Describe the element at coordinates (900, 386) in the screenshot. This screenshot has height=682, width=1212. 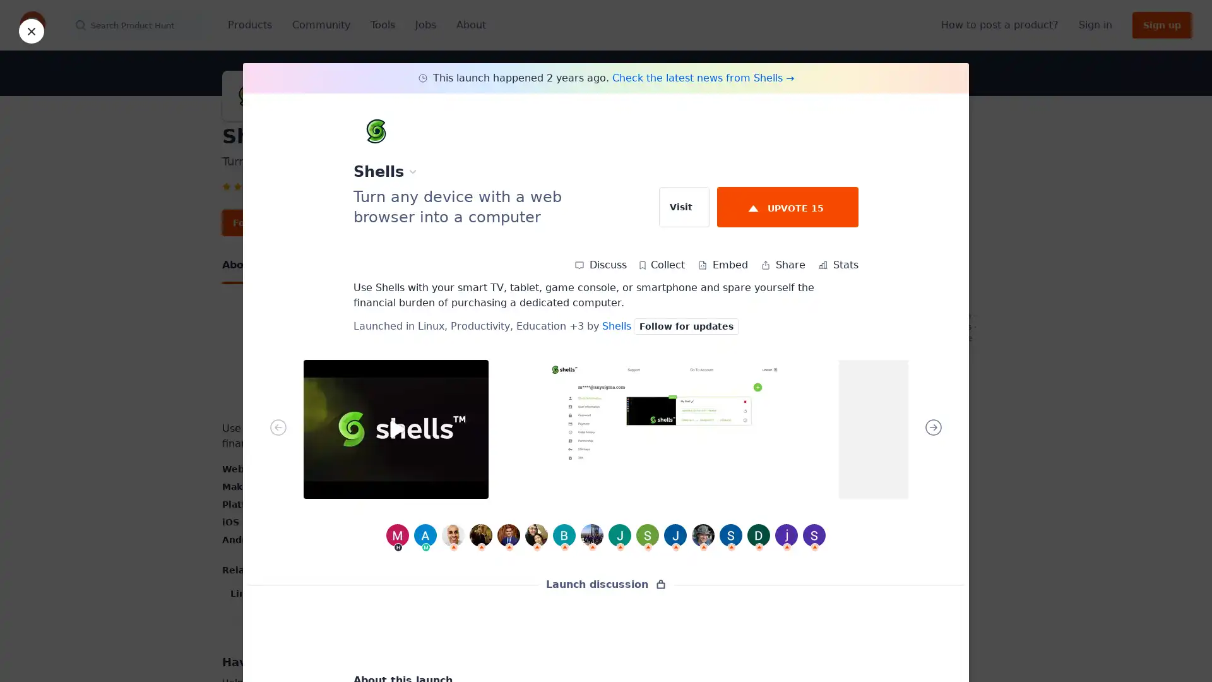
I see `Request changes to this page` at that location.